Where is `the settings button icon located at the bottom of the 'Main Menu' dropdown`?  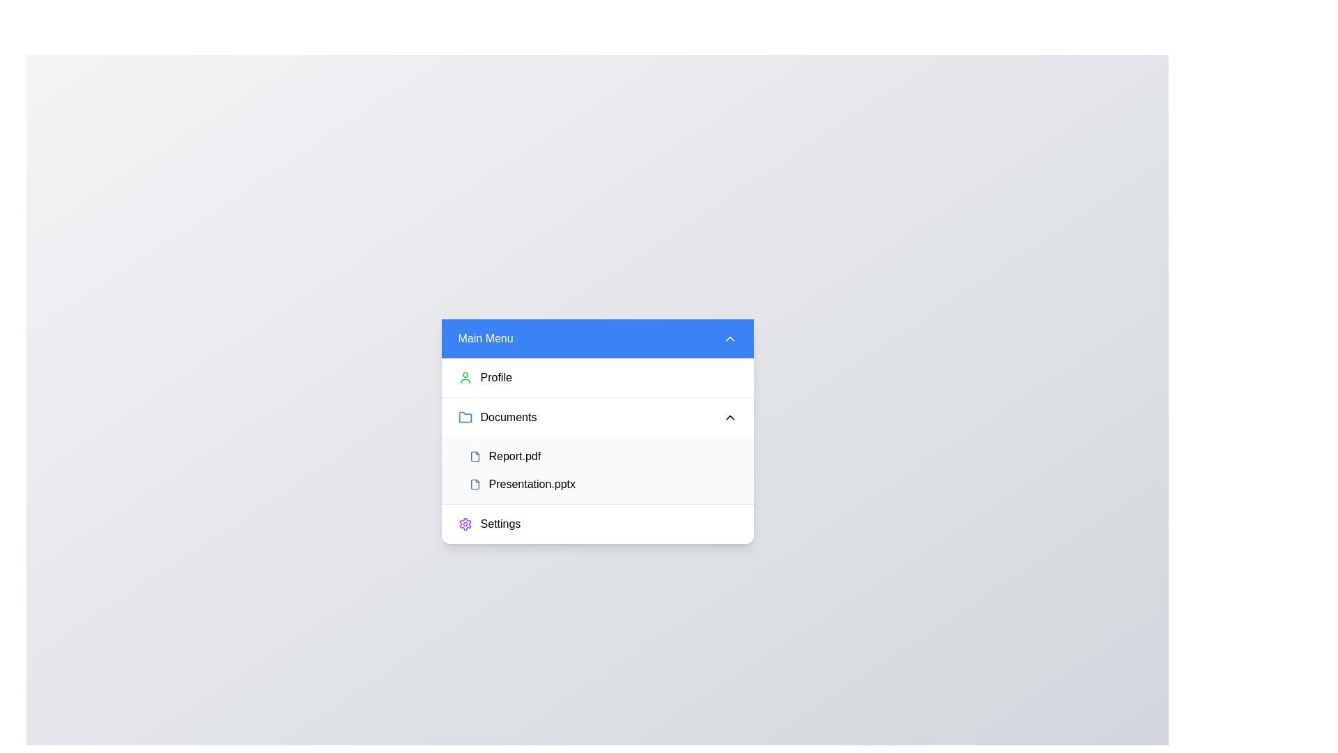 the settings button icon located at the bottom of the 'Main Menu' dropdown is located at coordinates (465, 524).